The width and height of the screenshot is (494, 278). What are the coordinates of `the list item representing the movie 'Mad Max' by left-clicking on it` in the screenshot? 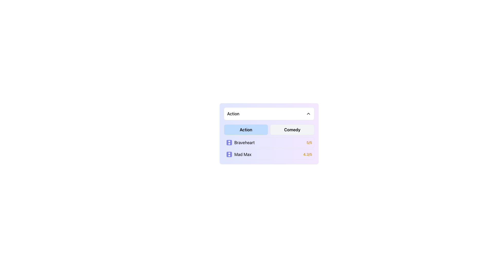 It's located at (269, 154).